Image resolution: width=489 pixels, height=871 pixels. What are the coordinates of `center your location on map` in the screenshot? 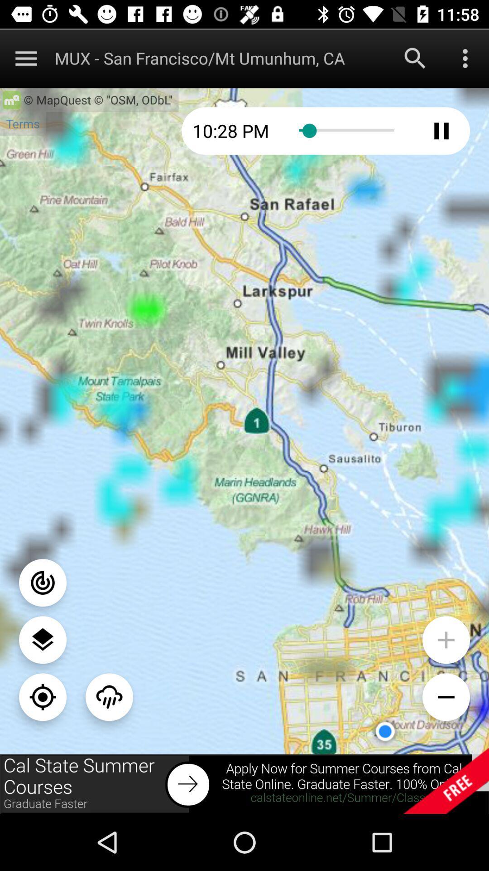 It's located at (43, 696).